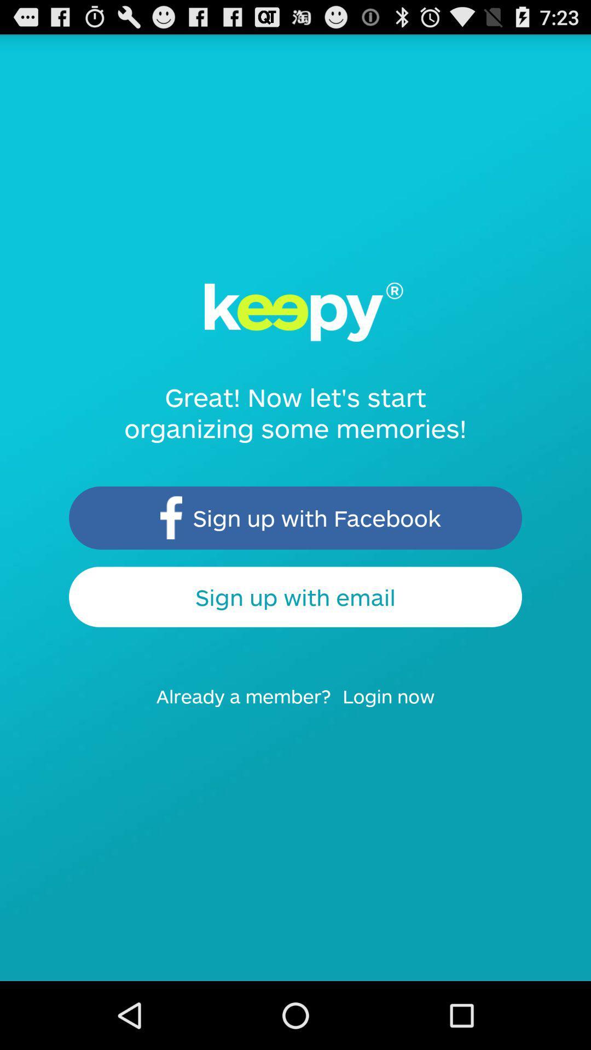 This screenshot has height=1050, width=591. I want to click on the item at the bottom right corner, so click(396, 707).